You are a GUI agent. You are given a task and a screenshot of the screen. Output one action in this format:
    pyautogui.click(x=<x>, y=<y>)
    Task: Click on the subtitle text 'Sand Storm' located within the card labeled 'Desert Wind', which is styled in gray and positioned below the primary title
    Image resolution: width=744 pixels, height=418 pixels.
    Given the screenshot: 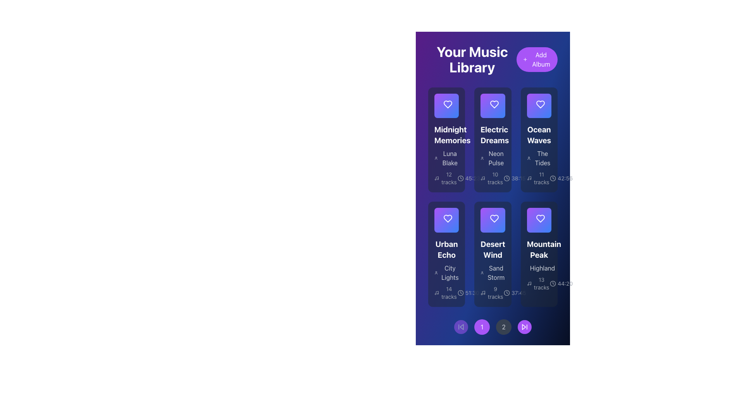 What is the action you would take?
    pyautogui.click(x=493, y=269)
    